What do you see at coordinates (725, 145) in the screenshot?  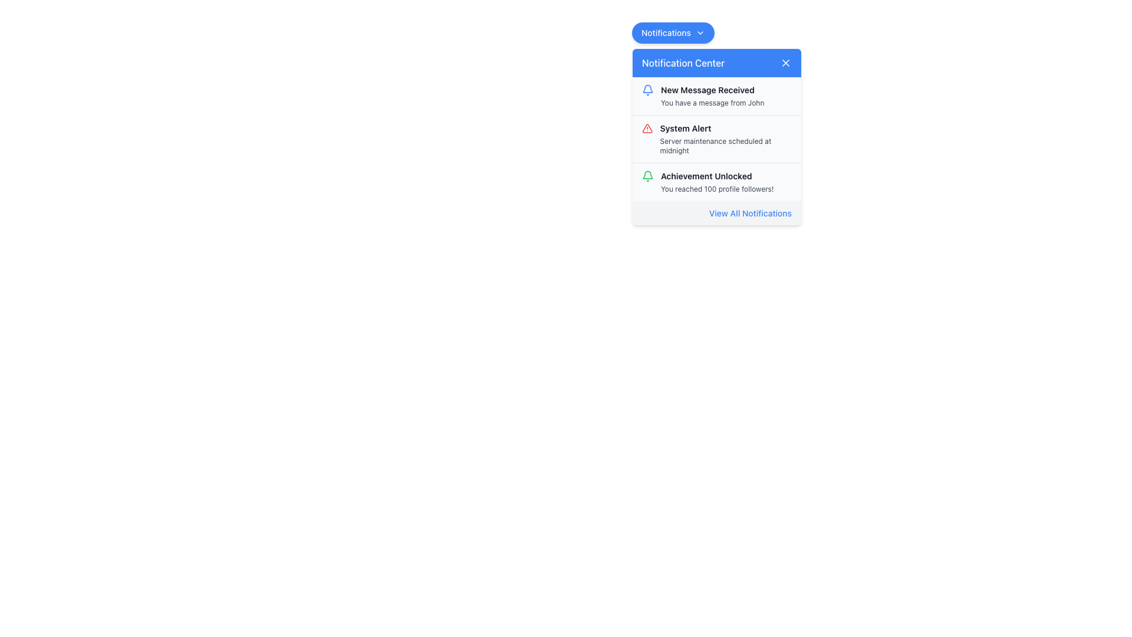 I see `supplementary text label located below the 'System Alert' title in the second notification card of the notification panel` at bounding box center [725, 145].